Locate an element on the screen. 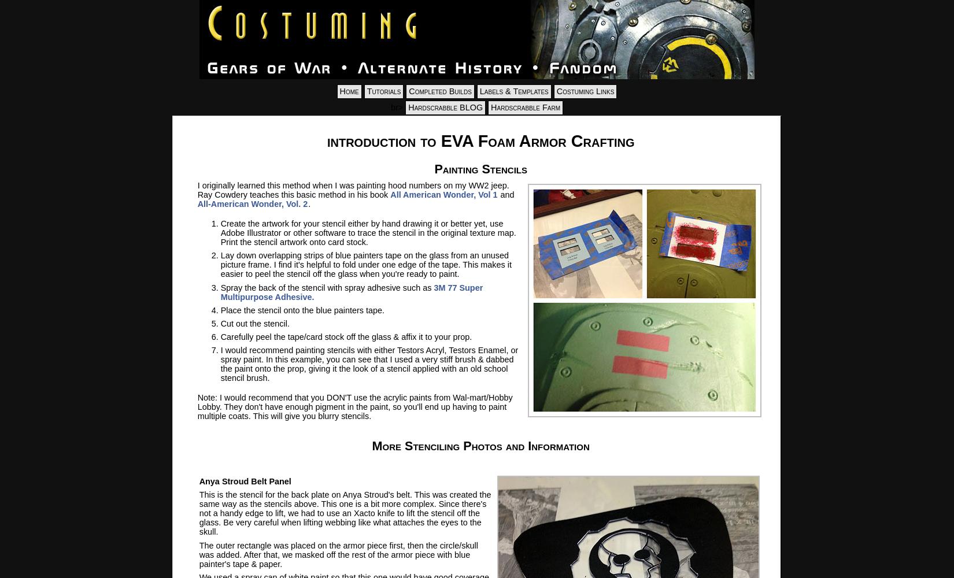 The image size is (954, 578). 'More Stenciling Photos and Information' is located at coordinates (480, 445).